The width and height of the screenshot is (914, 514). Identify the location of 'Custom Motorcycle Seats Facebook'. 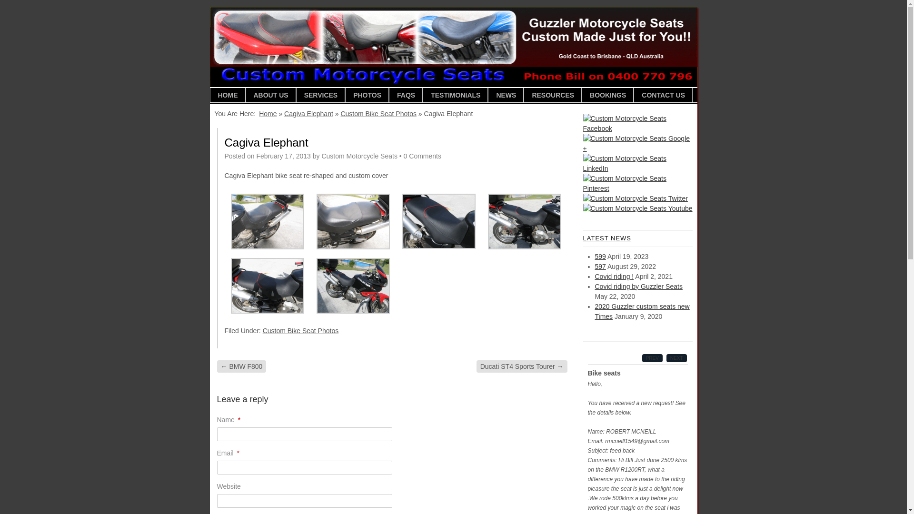
(582, 123).